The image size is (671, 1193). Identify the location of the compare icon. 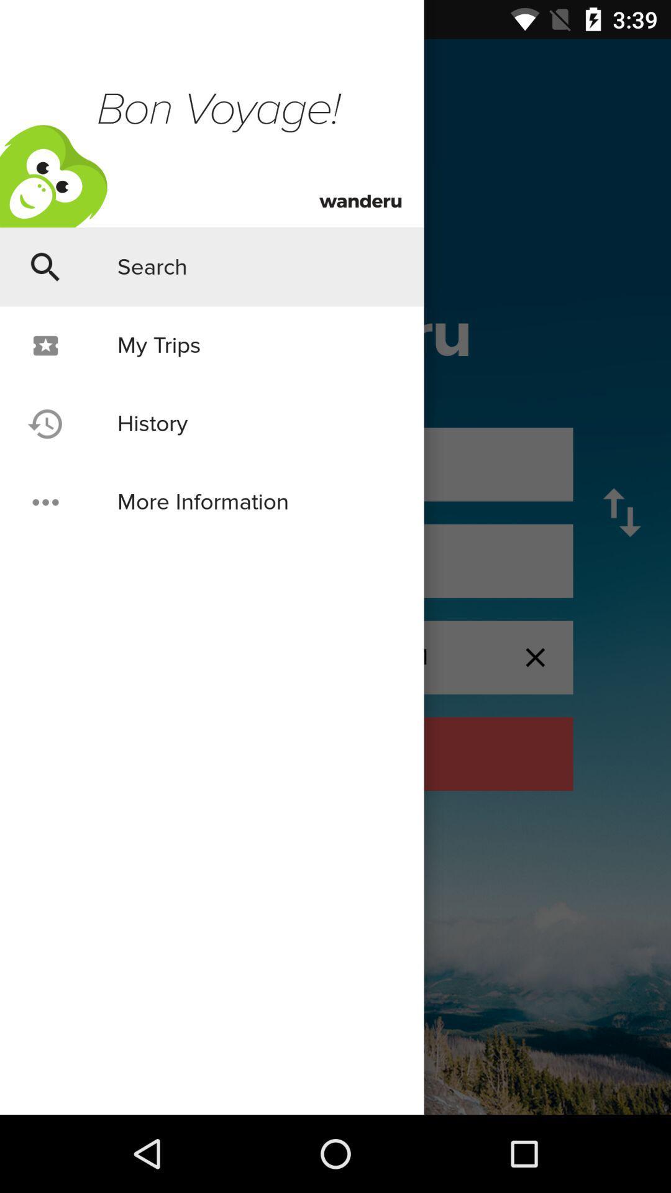
(622, 513).